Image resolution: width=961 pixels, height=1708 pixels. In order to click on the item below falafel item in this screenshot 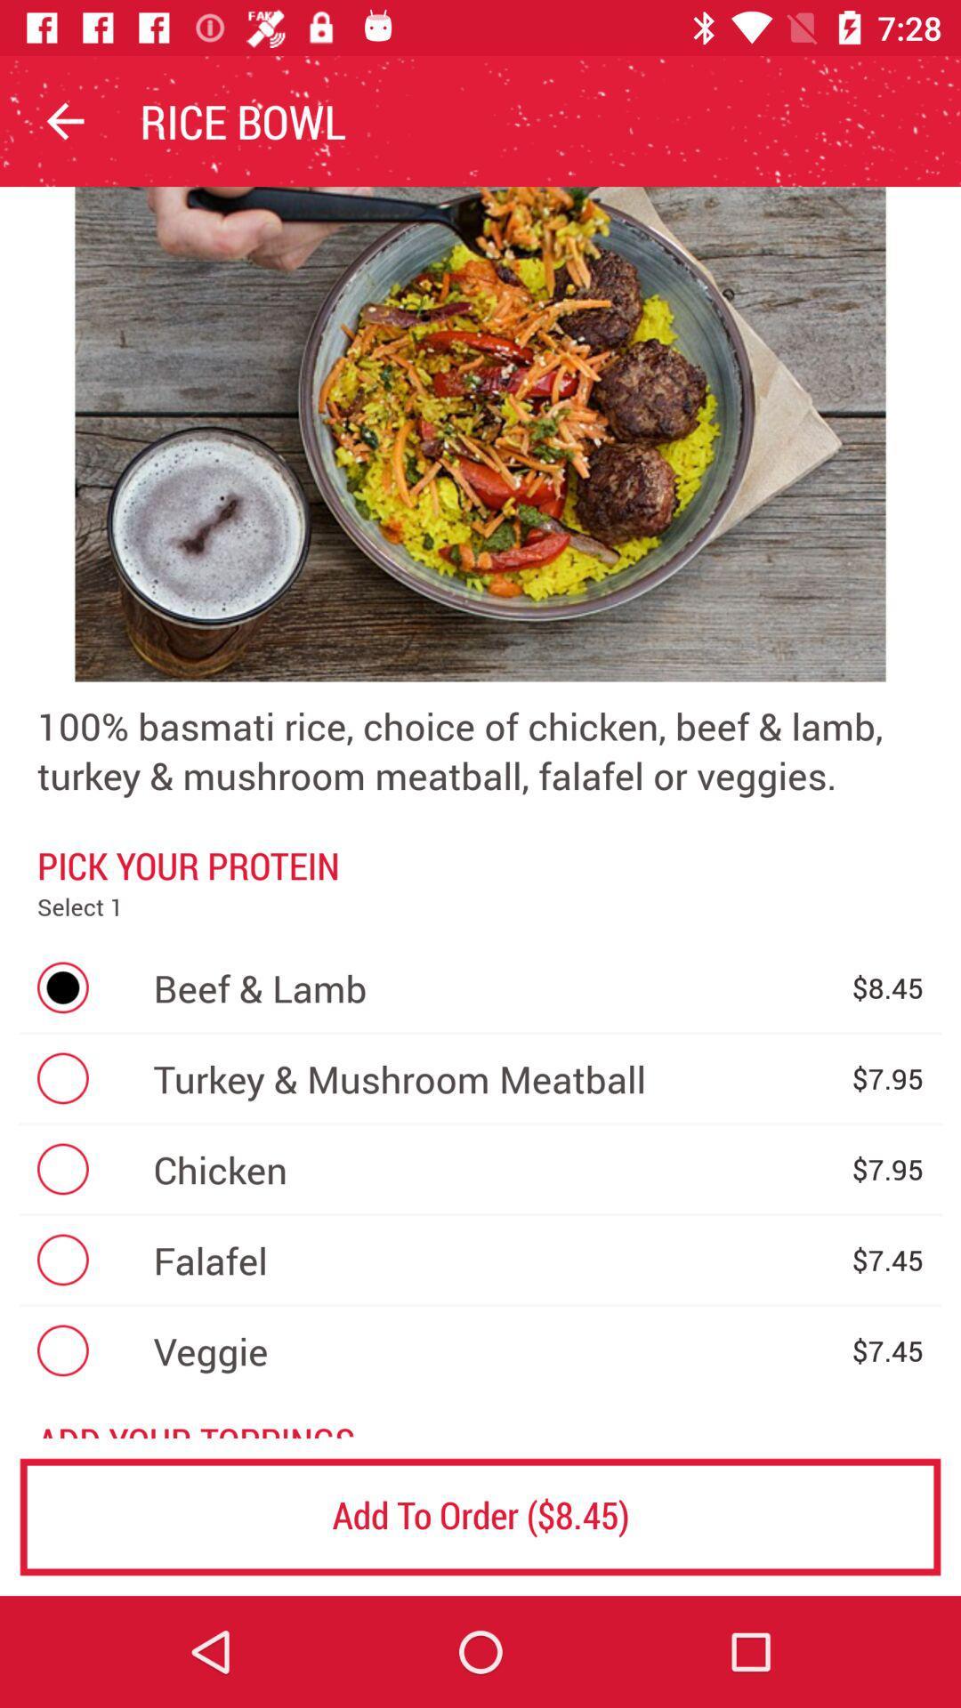, I will do `click(493, 1350)`.